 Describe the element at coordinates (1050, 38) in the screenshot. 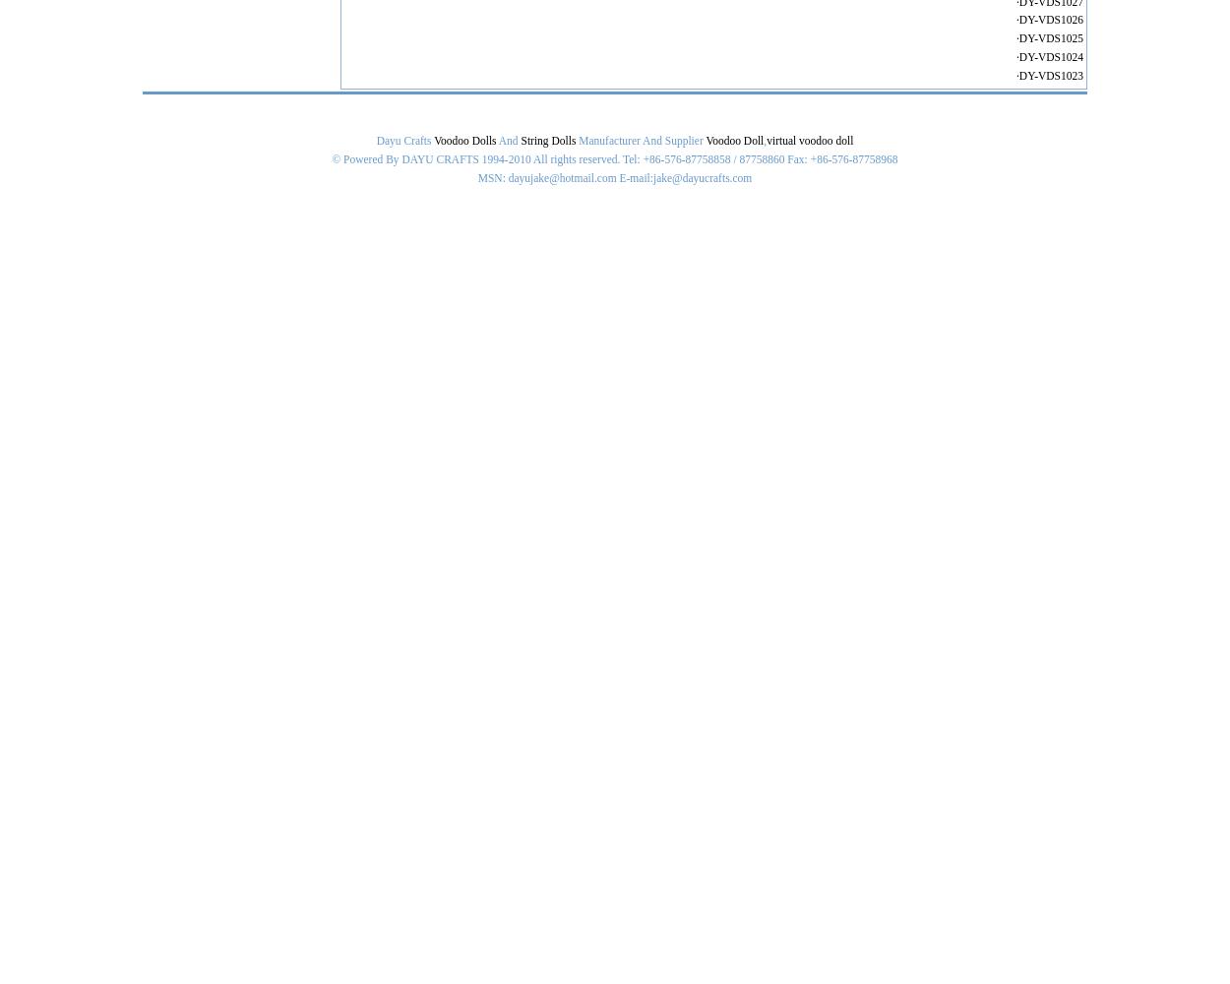

I see `'DY-VDS1025'` at that location.